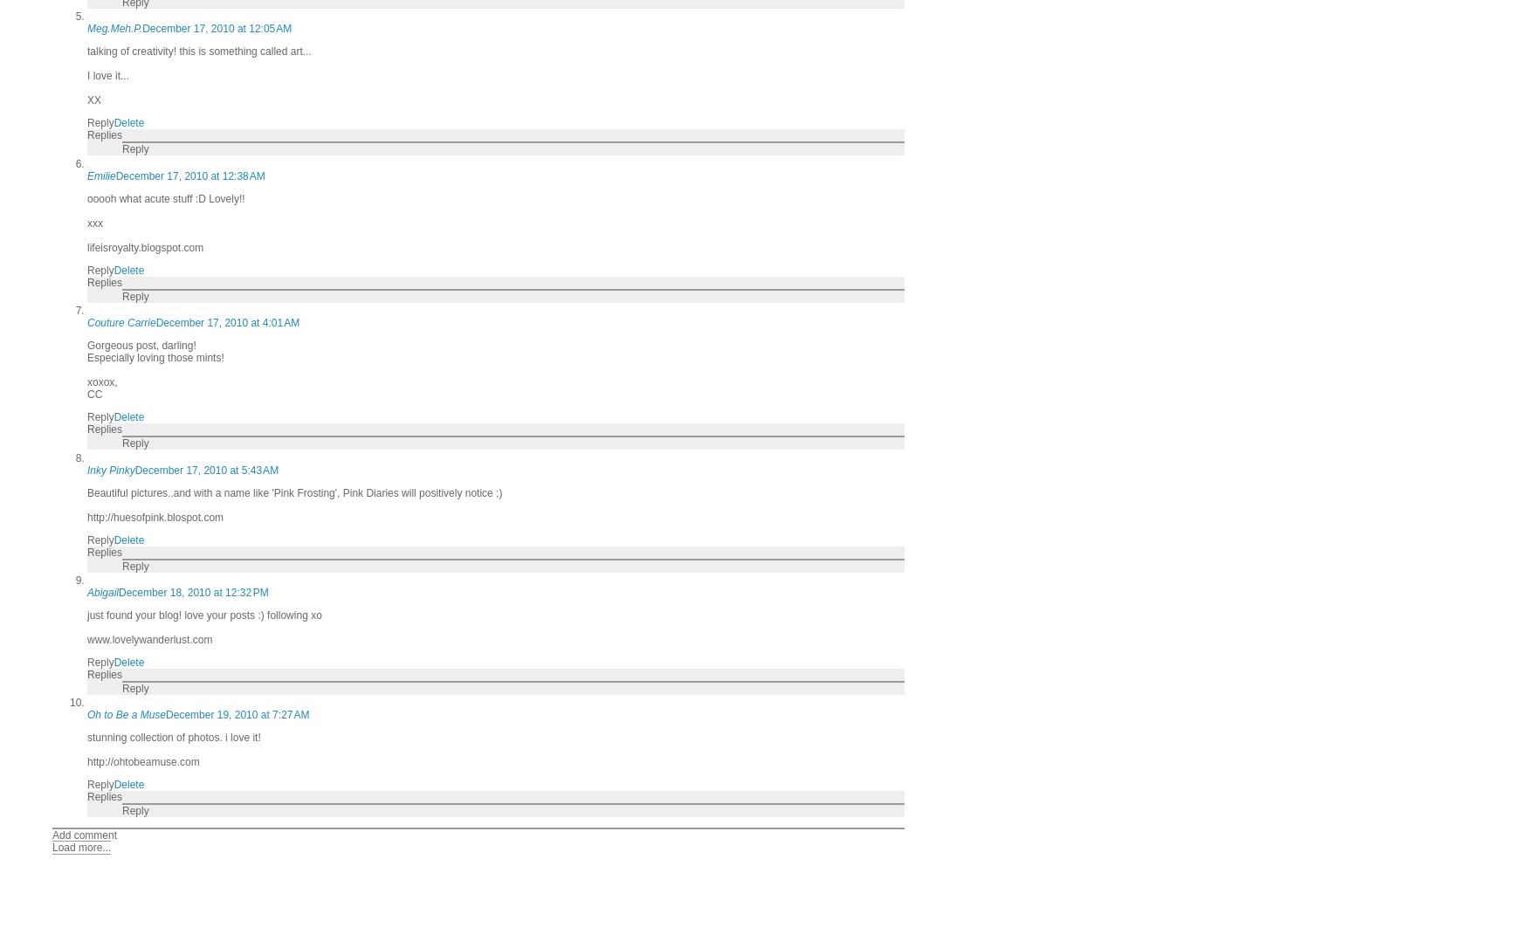 The image size is (1514, 928). Describe the element at coordinates (95, 223) in the screenshot. I see `'xxx'` at that location.